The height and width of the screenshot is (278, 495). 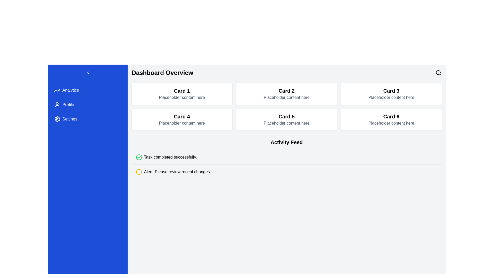 What do you see at coordinates (391, 120) in the screenshot?
I see `the text content displayed on the informational card located in the bottom-right corner of the grid layout, specifically the sixth card beneath 'Card 3'` at bounding box center [391, 120].